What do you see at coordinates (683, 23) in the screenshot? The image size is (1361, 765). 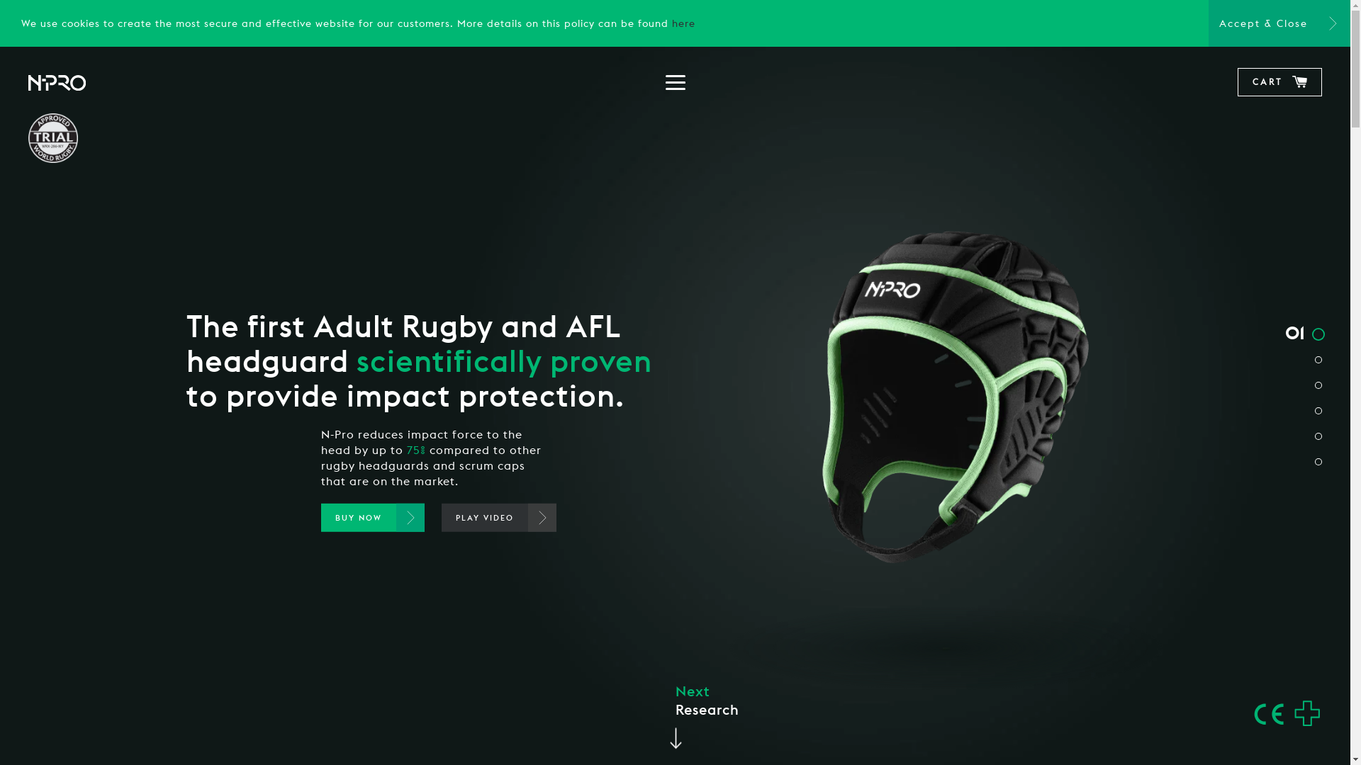 I see `'here'` at bounding box center [683, 23].